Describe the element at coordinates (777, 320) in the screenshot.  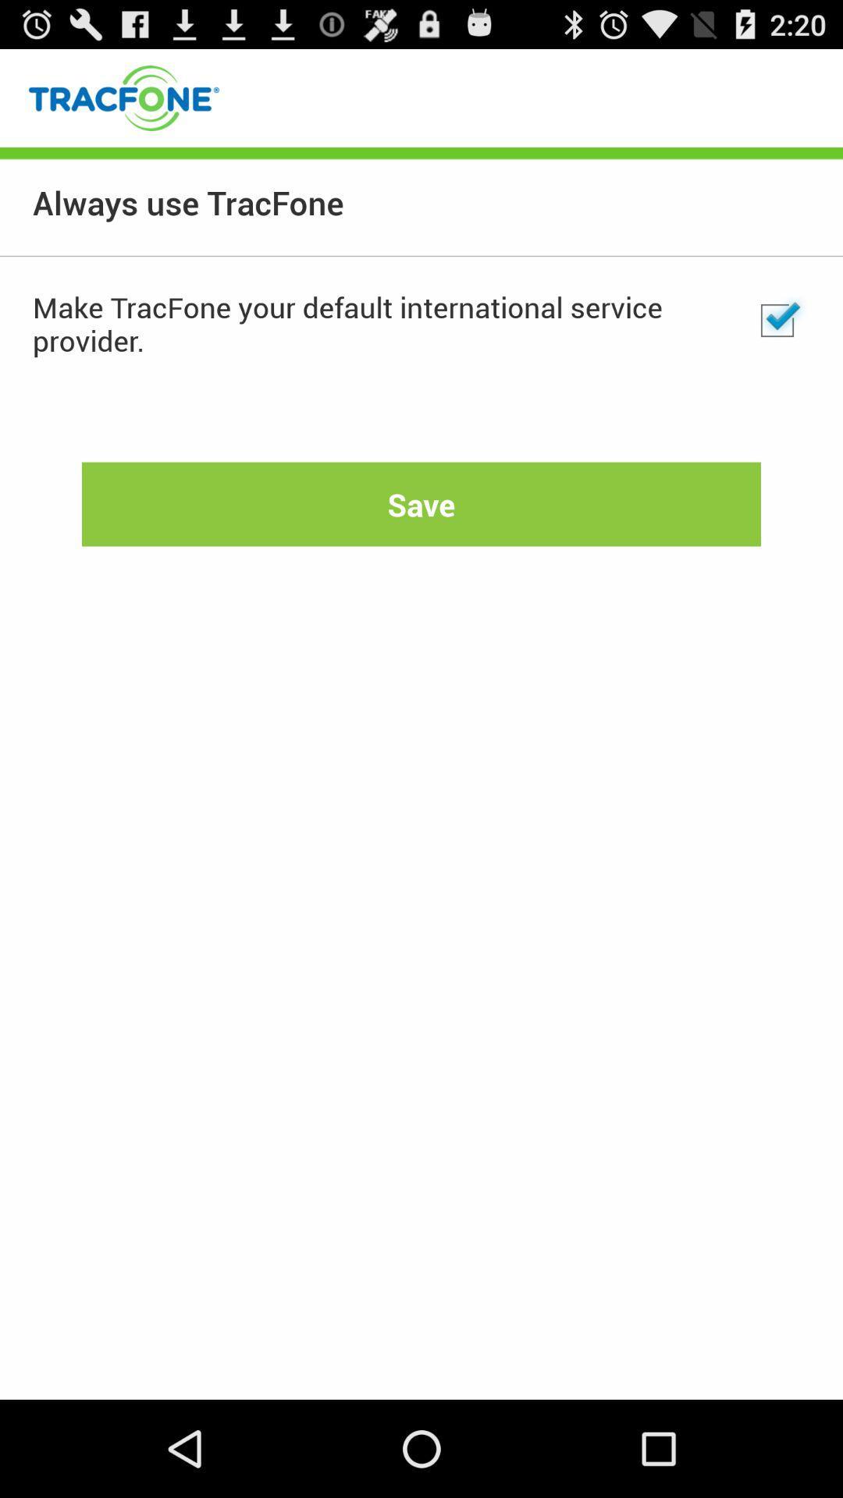
I see `the icon to the right of the make tracfone your` at that location.